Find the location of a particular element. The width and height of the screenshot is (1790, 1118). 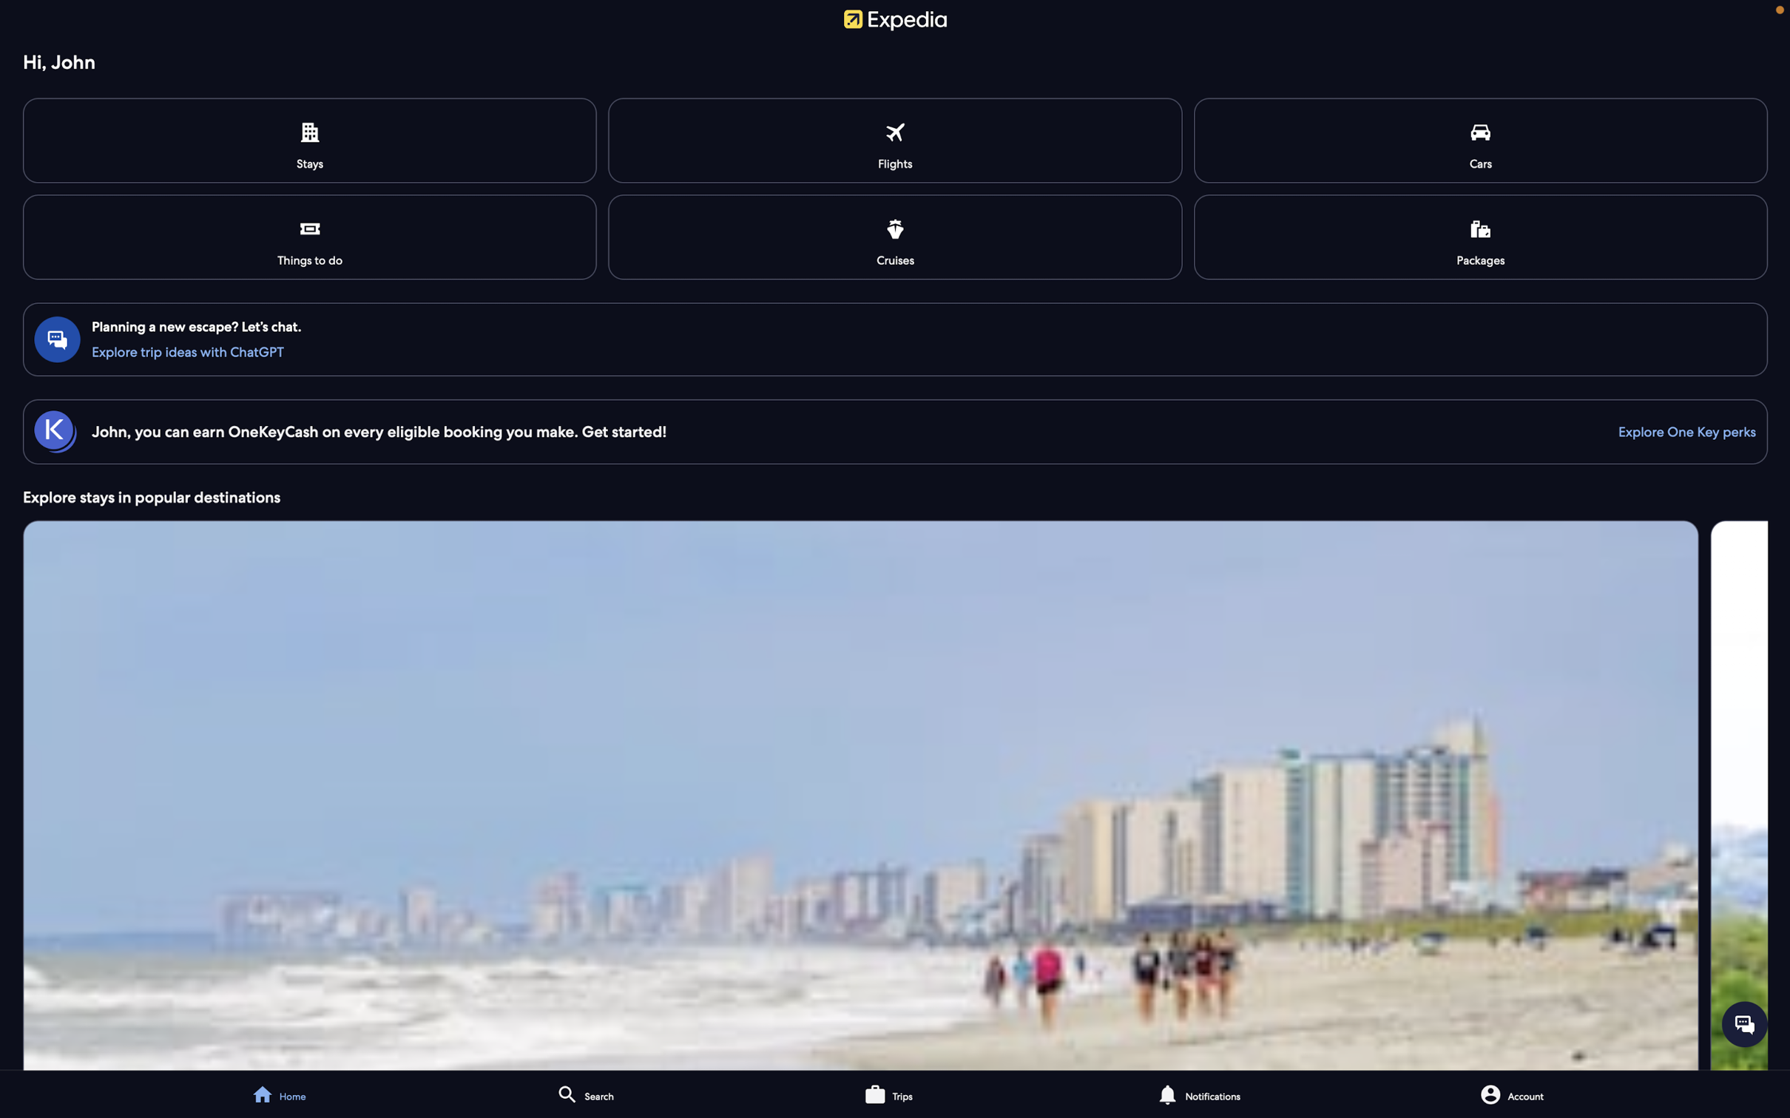

View and book available packages is located at coordinates (1479, 235).